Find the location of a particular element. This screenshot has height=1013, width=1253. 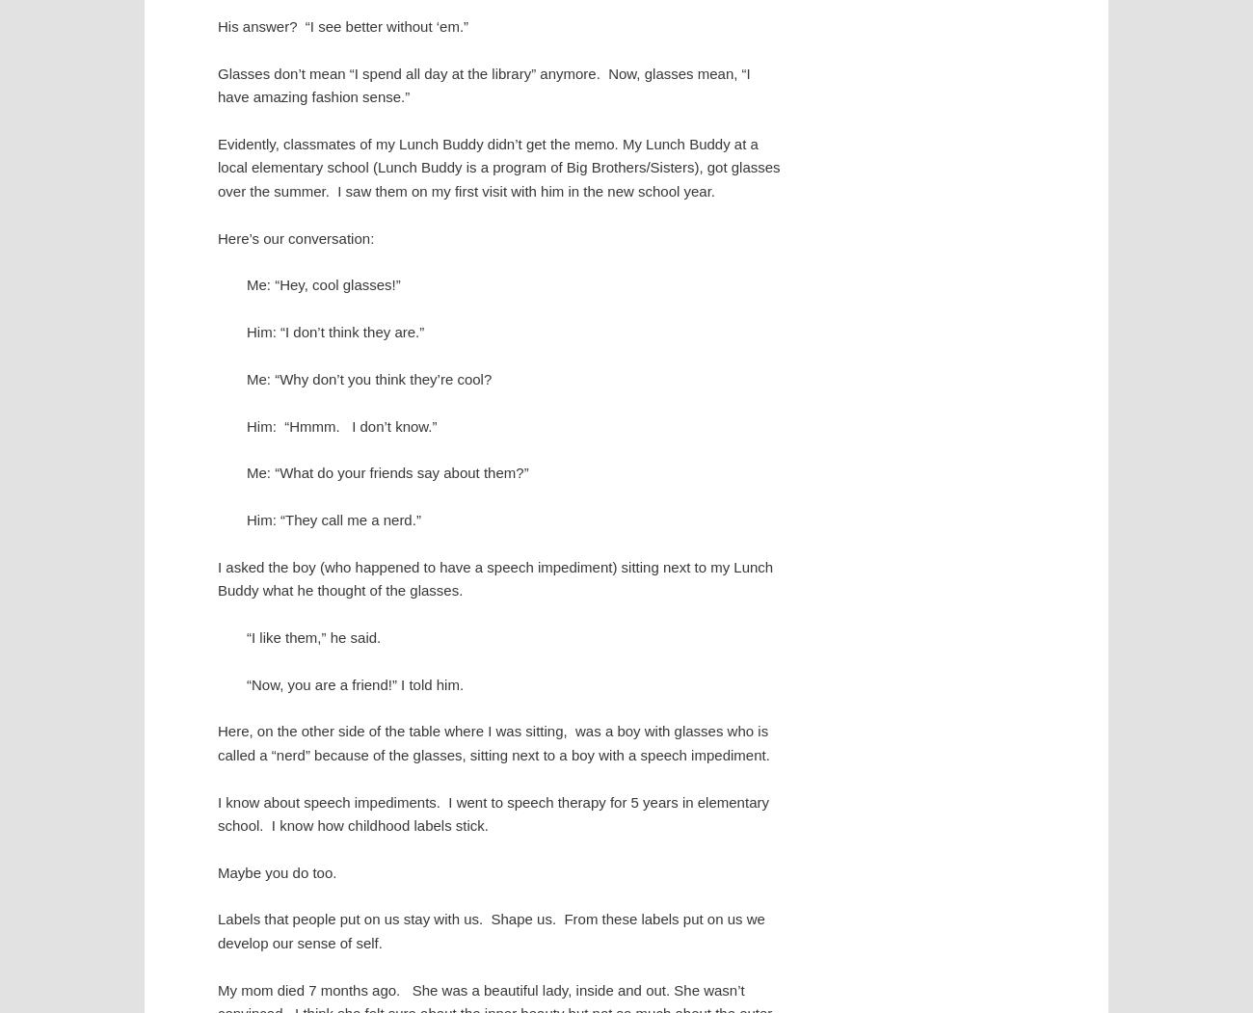

'Here’s our conversation:' is located at coordinates (296, 237).